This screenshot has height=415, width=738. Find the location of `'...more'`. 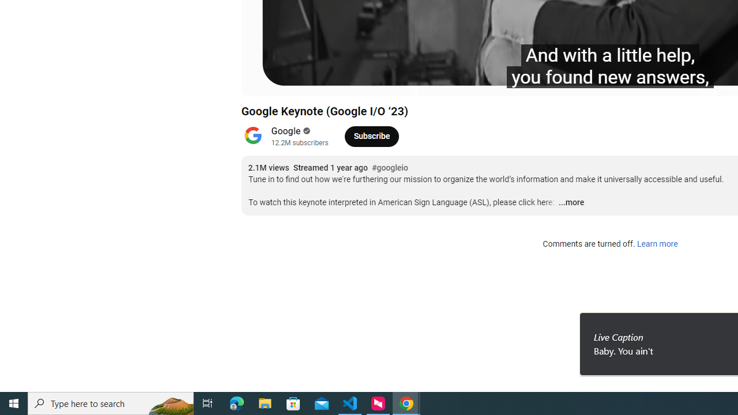

'...more' is located at coordinates (571, 202).